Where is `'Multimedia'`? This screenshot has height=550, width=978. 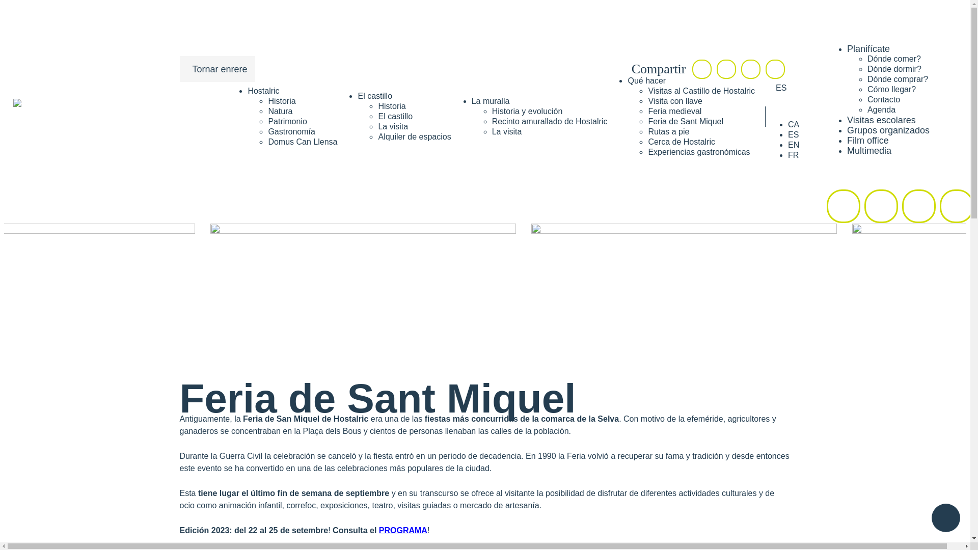 'Multimedia' is located at coordinates (868, 151).